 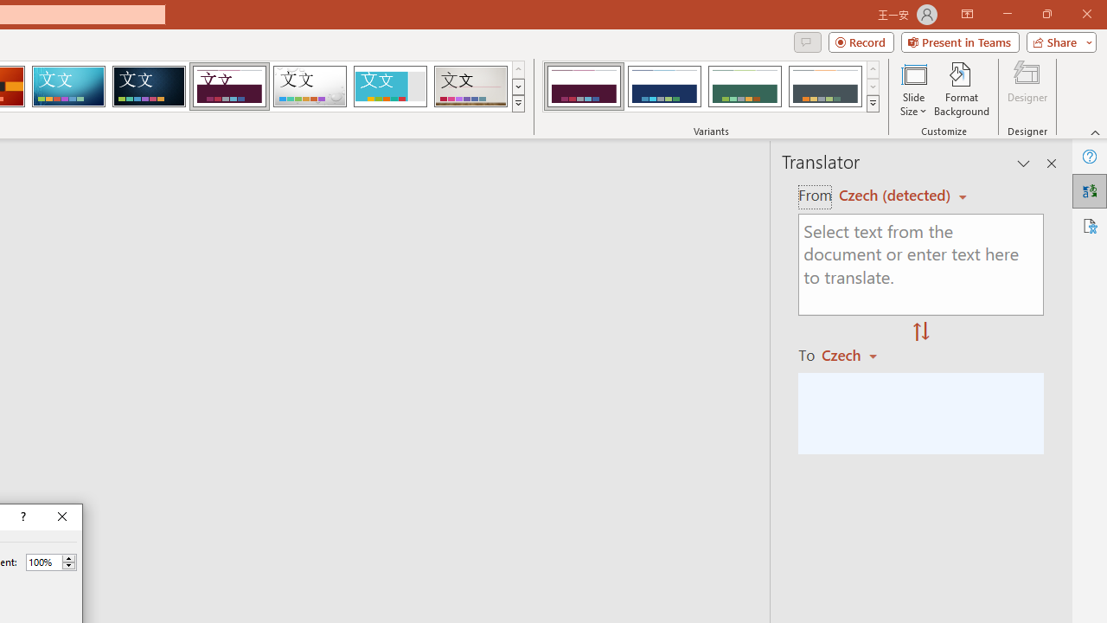 What do you see at coordinates (62, 516) in the screenshot?
I see `'Close'` at bounding box center [62, 516].